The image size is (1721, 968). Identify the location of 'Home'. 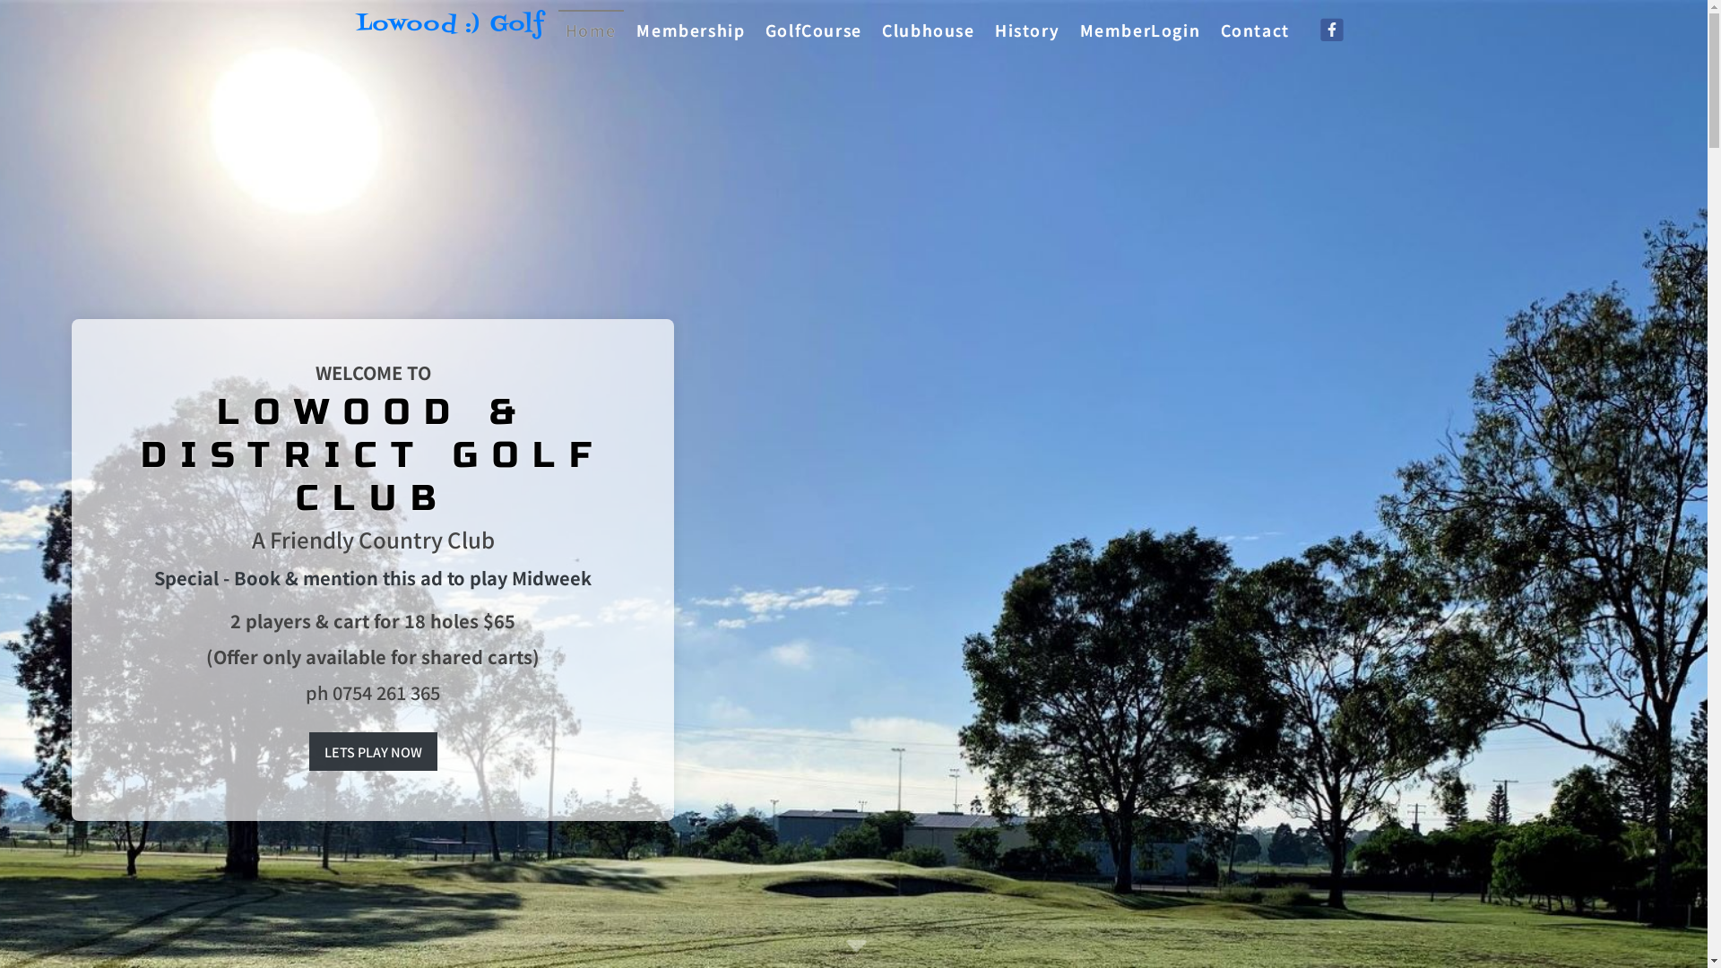
(591, 30).